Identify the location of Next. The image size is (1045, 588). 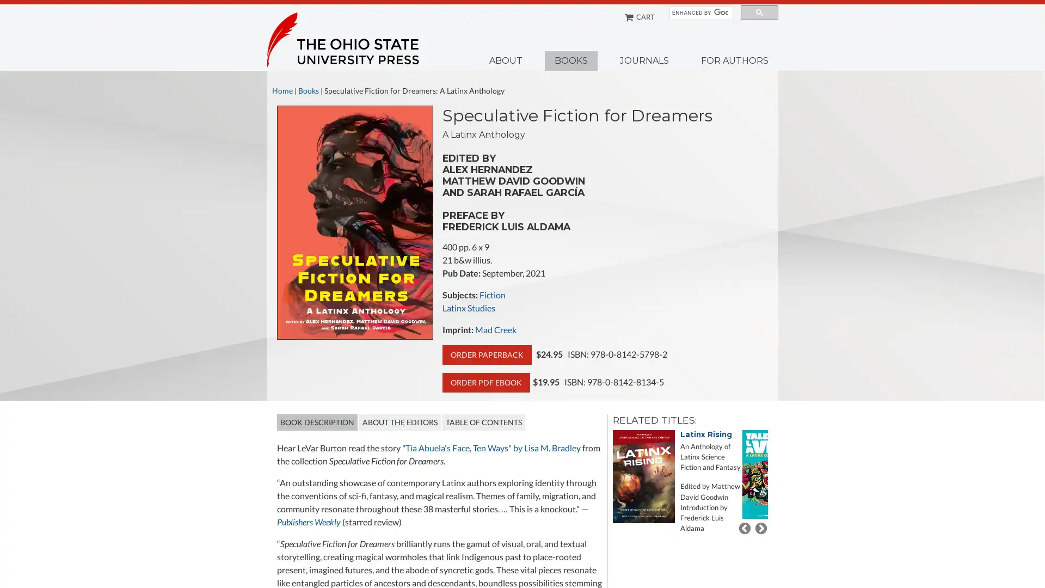
(760, 527).